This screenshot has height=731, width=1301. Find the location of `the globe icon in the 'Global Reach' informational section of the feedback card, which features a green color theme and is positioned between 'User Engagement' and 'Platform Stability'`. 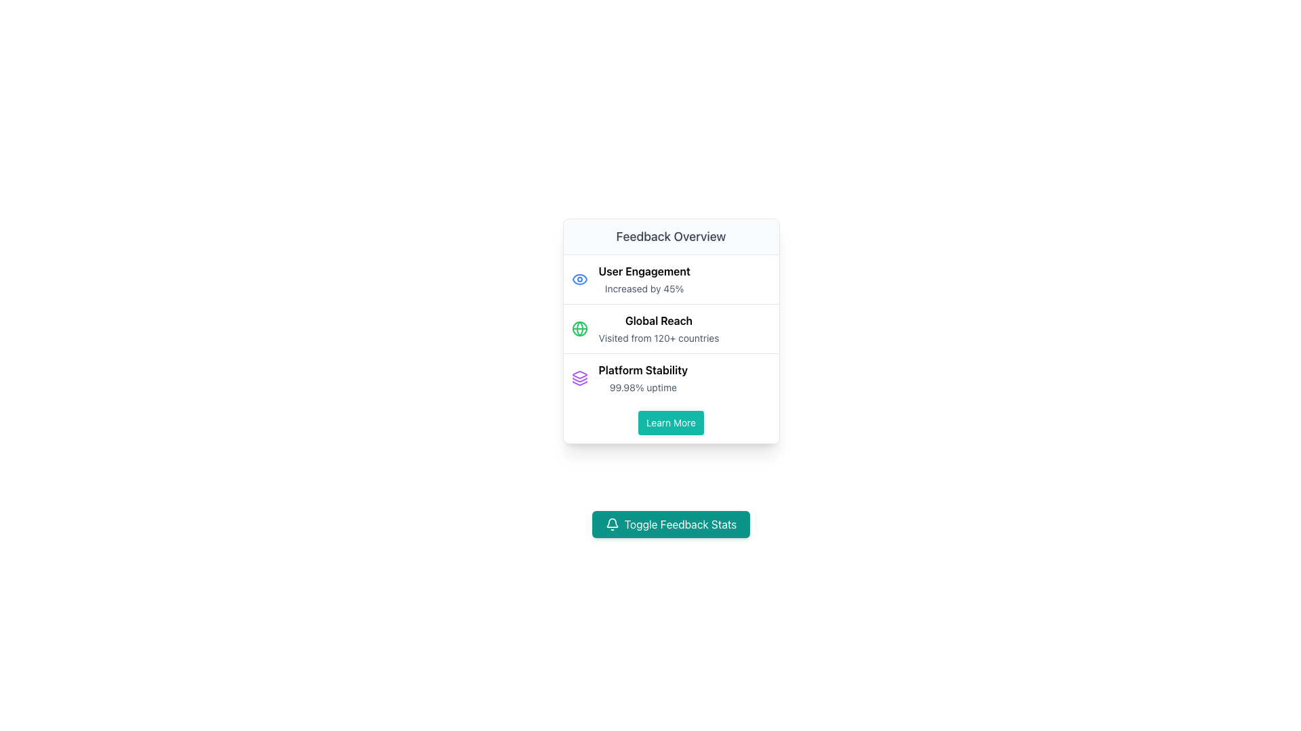

the globe icon in the 'Global Reach' informational section of the feedback card, which features a green color theme and is positioned between 'User Engagement' and 'Platform Stability' is located at coordinates (671, 328).